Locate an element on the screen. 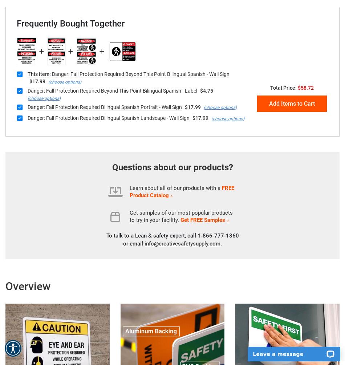 This screenshot has height=365, width=345. '1-866-777-1360' is located at coordinates (218, 235).